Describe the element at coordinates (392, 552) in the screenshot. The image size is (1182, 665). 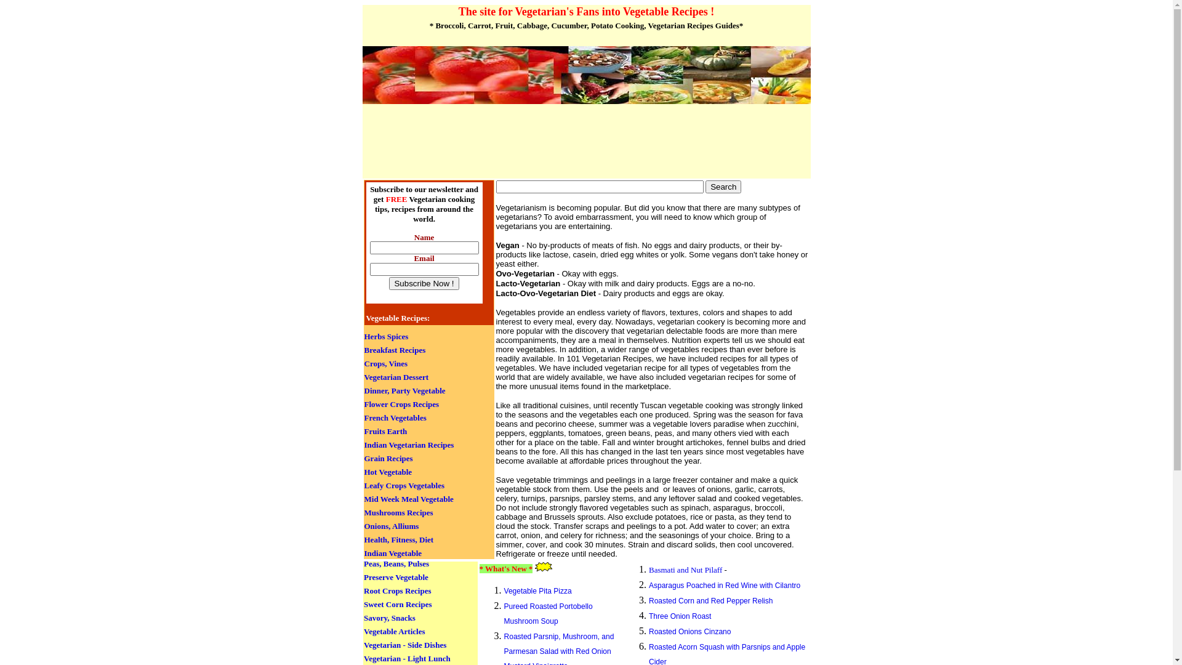
I see `'Indian Vegetable'` at that location.